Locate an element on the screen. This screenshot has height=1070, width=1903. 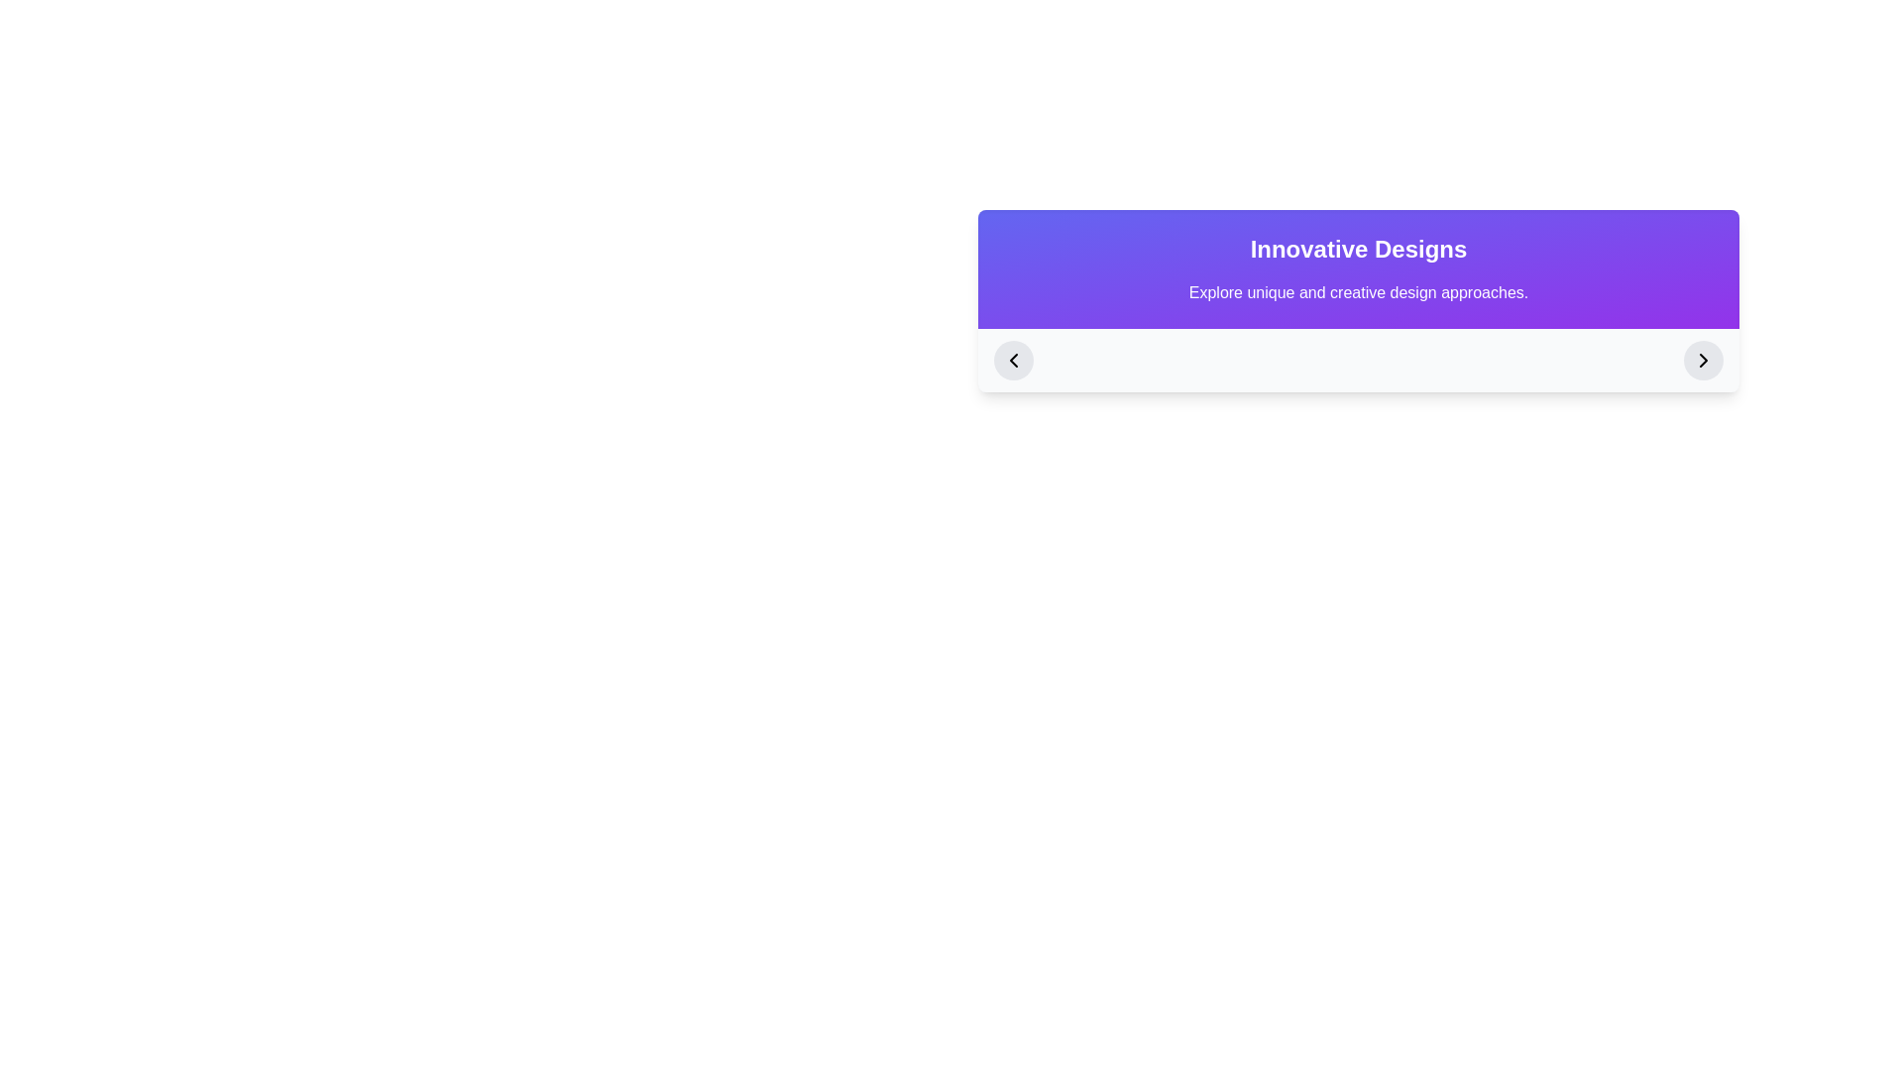
the navigation button located at the far-right end of the horizontal layout bar is located at coordinates (1702, 360).